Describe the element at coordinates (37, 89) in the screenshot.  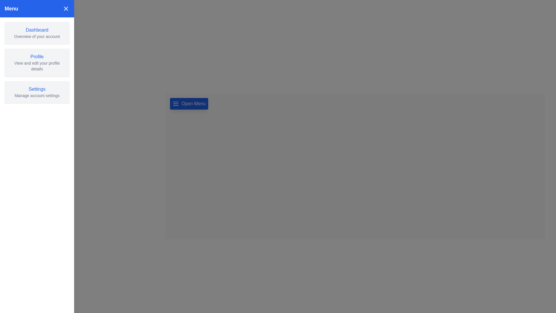
I see `text label 'Settings' within the clickable card in the sidebar on the left, which also contains the smaller text 'Manage account settings'` at that location.